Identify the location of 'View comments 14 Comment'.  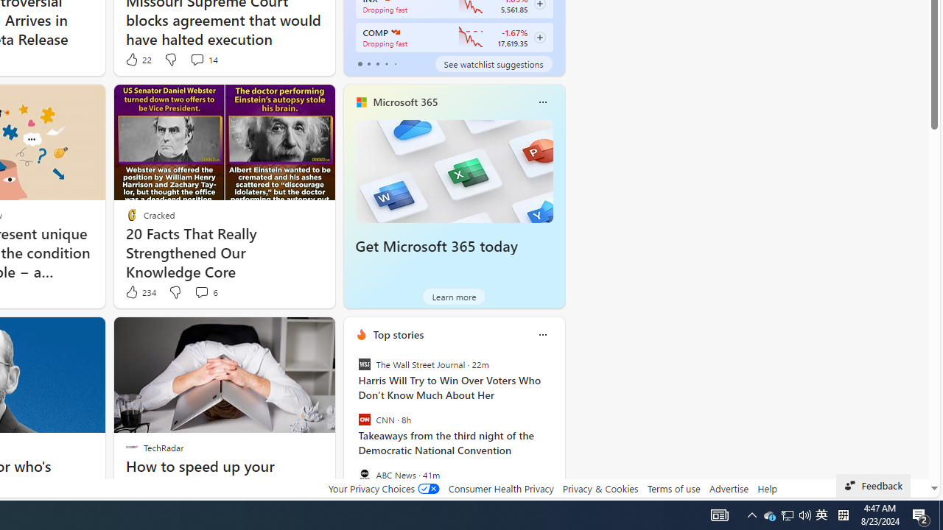
(196, 59).